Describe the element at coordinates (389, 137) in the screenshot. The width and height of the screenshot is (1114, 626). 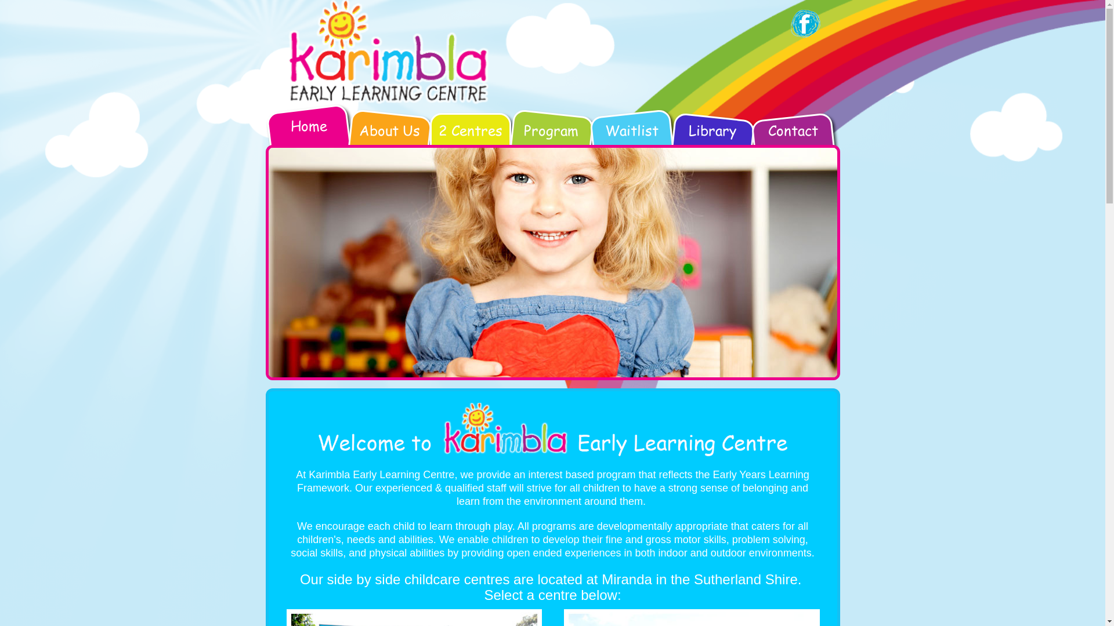
I see `'About Us'` at that location.